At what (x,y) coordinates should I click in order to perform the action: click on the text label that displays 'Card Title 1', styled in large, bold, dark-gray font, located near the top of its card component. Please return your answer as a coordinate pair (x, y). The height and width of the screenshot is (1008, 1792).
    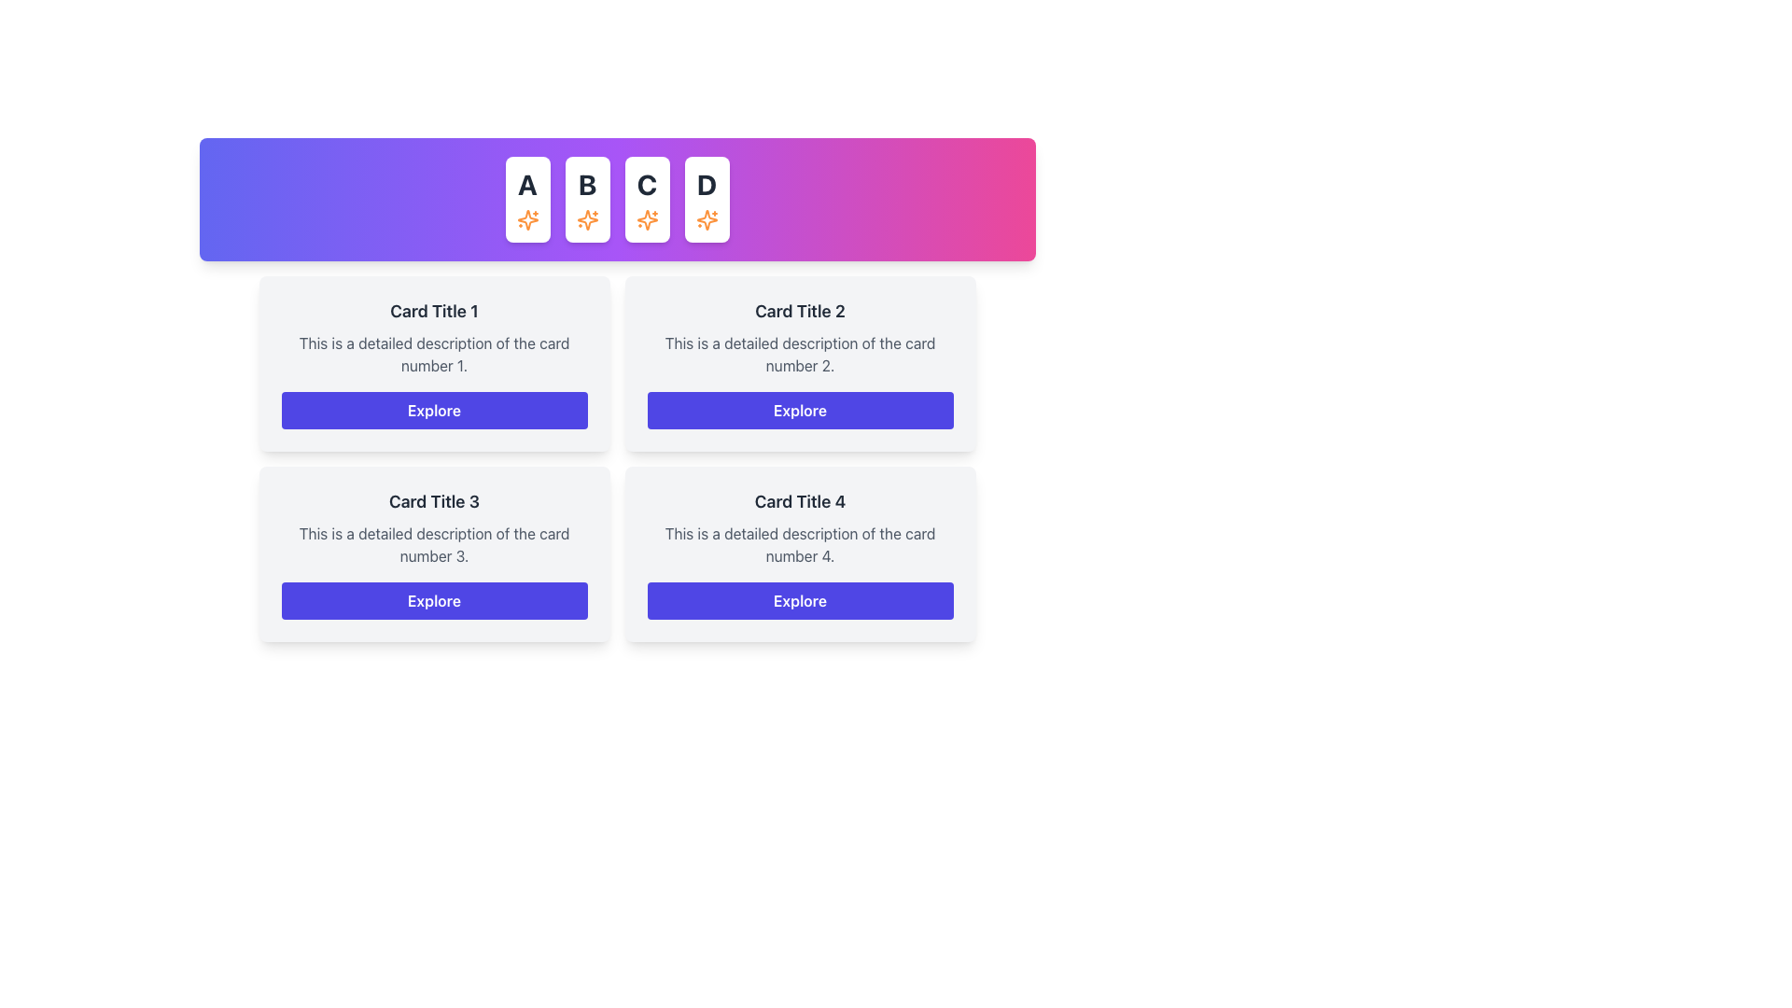
    Looking at the image, I should click on (433, 311).